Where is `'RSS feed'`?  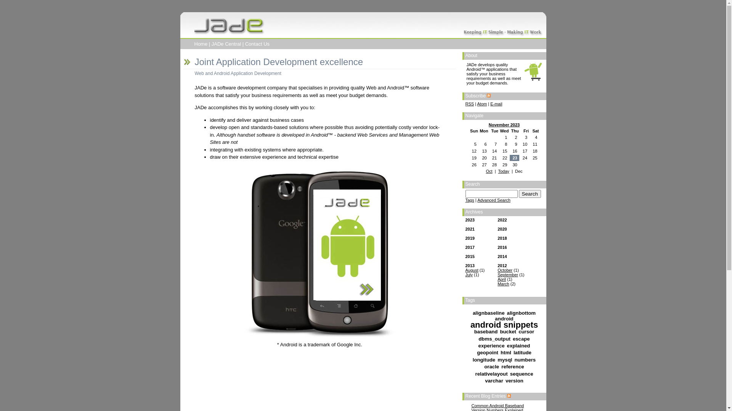
'RSS feed' is located at coordinates (488, 95).